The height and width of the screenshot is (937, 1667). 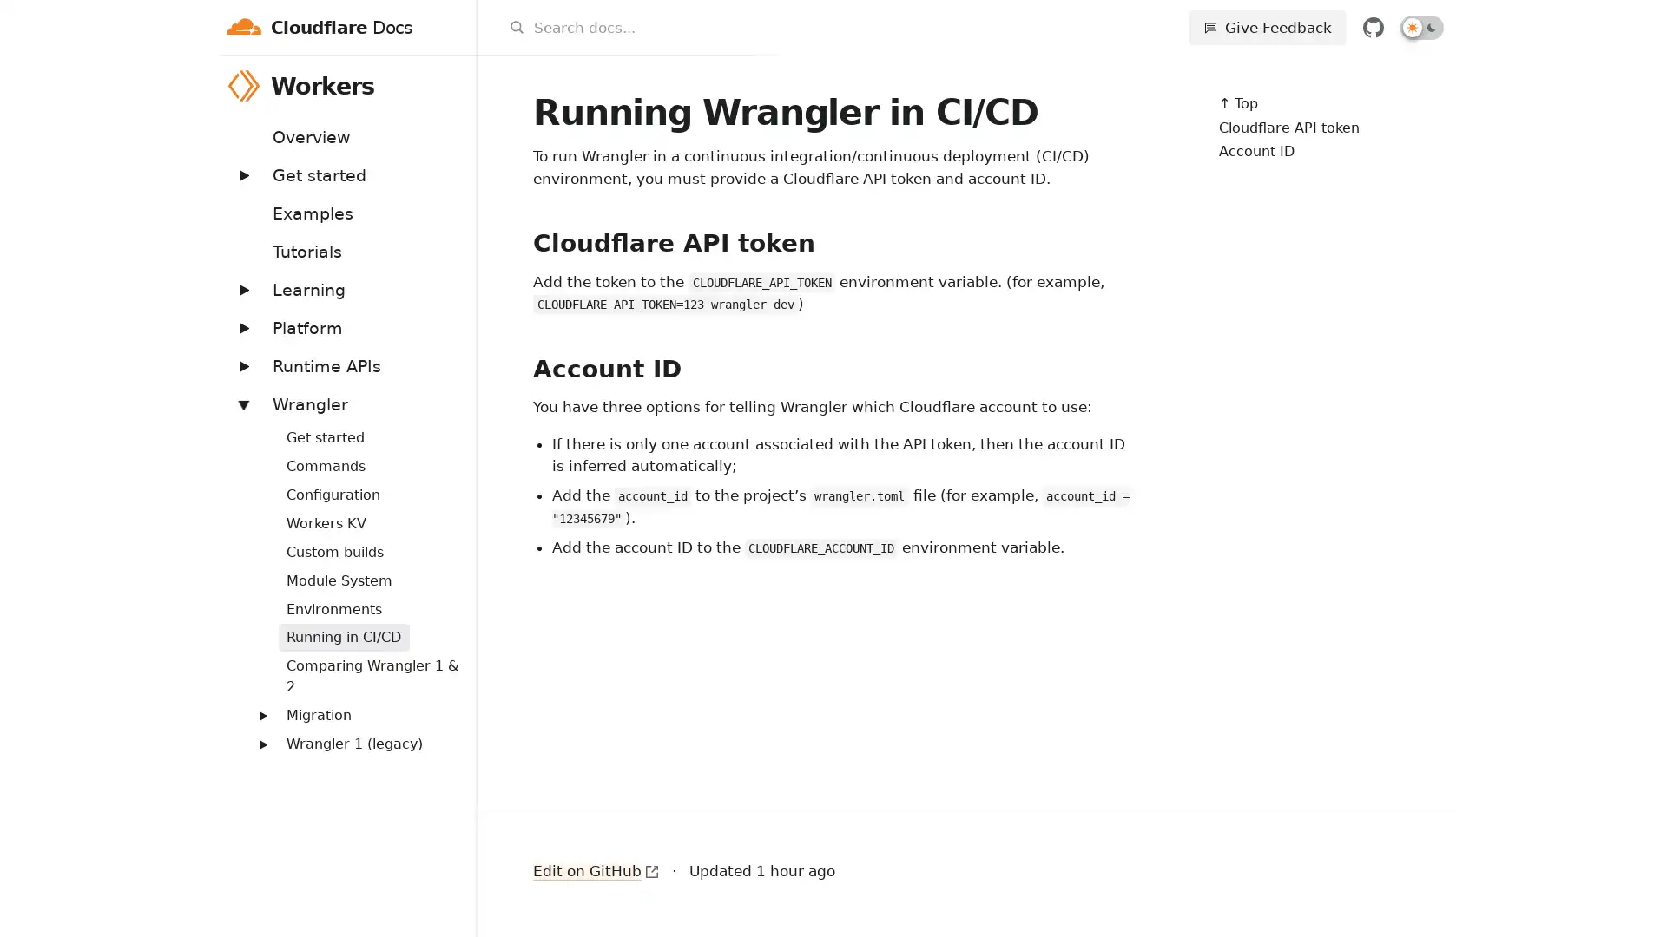 I want to click on Expand: Bindings, so click(x=253, y=388).